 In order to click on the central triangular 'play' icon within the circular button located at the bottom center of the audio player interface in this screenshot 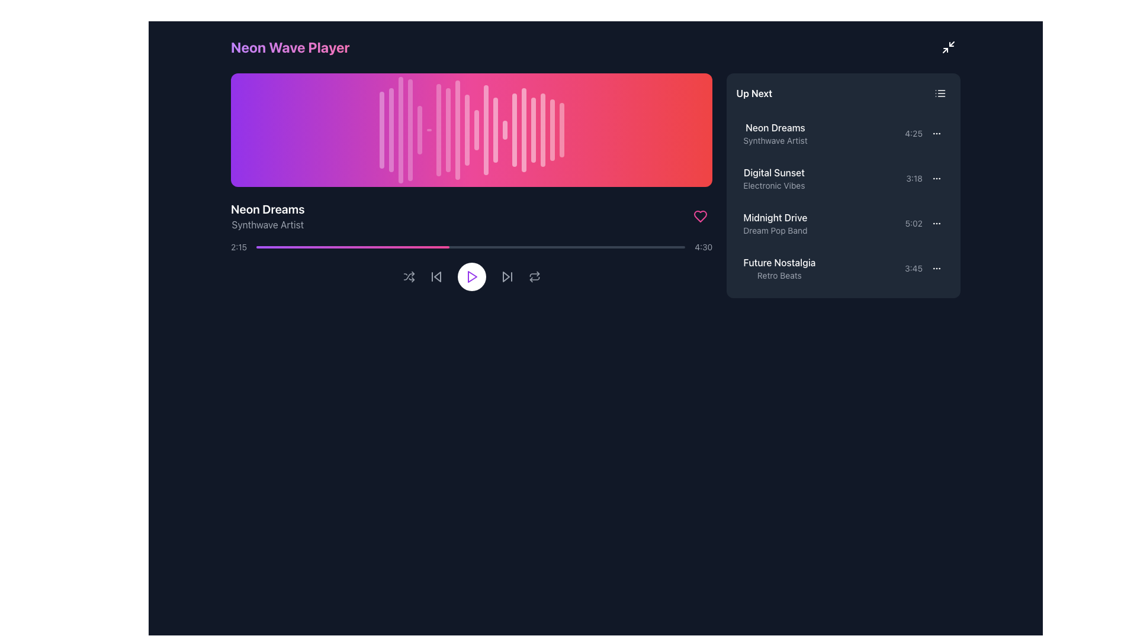, I will do `click(471, 276)`.